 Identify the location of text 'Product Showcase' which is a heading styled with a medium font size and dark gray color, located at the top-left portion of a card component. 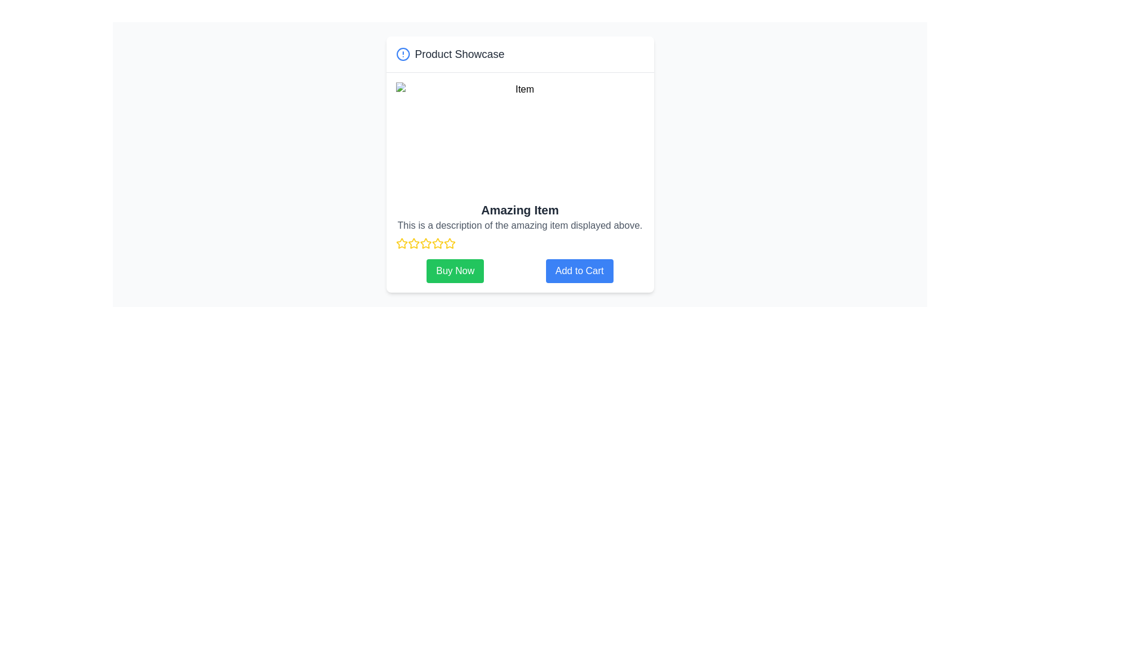
(459, 54).